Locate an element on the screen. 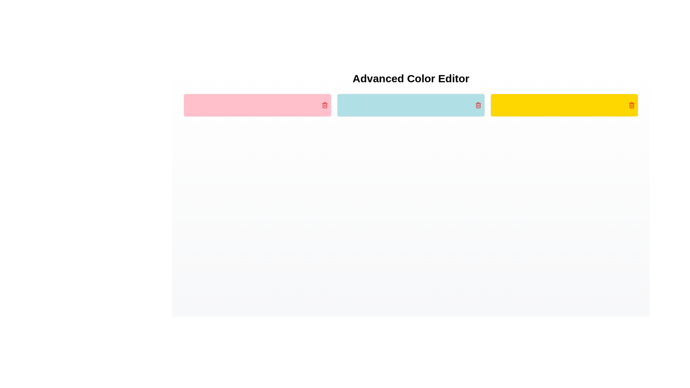 The width and height of the screenshot is (690, 388). the trash bin icon button, which is located at the far right of the first light pink horizontal bar under the 'Advanced Color Editor' heading is located at coordinates (324, 105).